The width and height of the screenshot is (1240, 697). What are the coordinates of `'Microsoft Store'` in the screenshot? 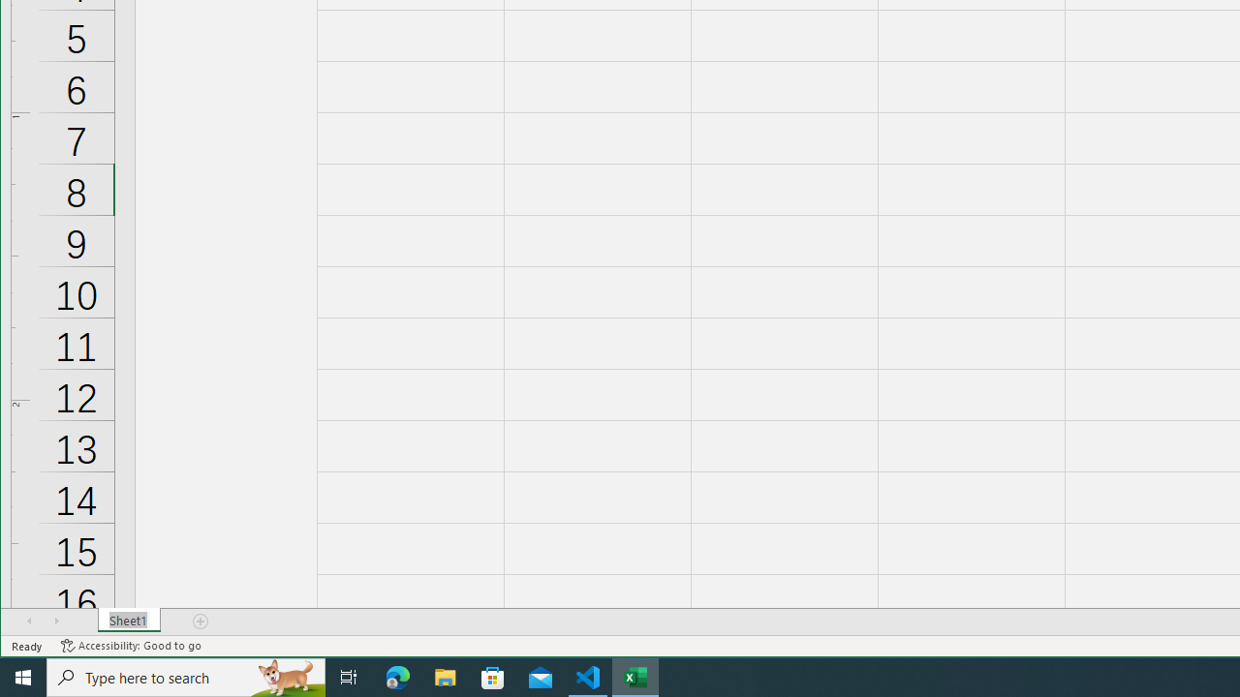 It's located at (493, 676).